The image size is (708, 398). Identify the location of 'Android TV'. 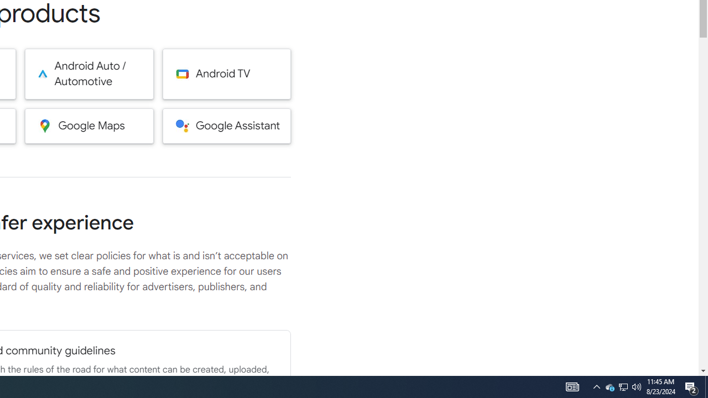
(226, 74).